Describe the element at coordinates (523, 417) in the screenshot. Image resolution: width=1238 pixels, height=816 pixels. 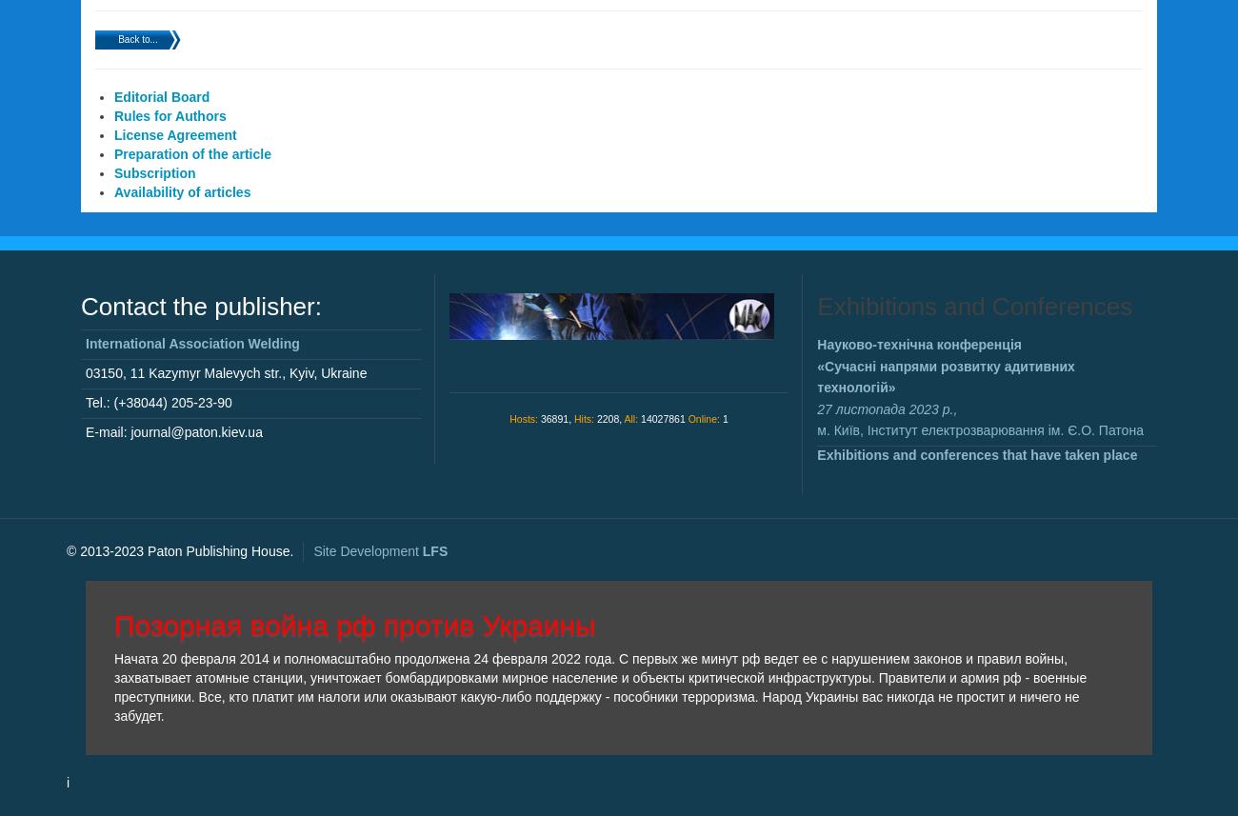
I see `'Hosts:'` at that location.